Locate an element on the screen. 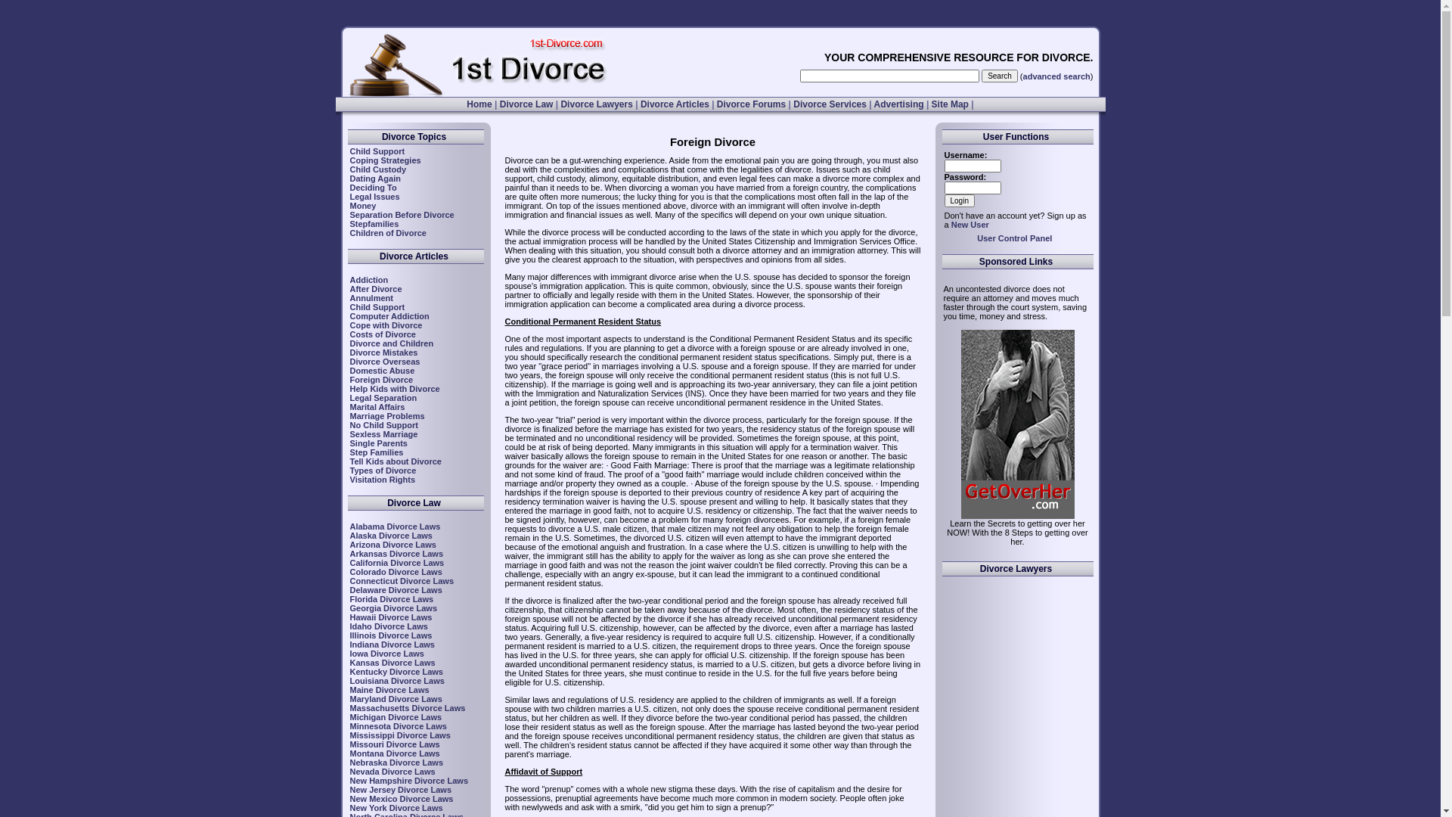  'Divorce Overseas' is located at coordinates (384, 362).